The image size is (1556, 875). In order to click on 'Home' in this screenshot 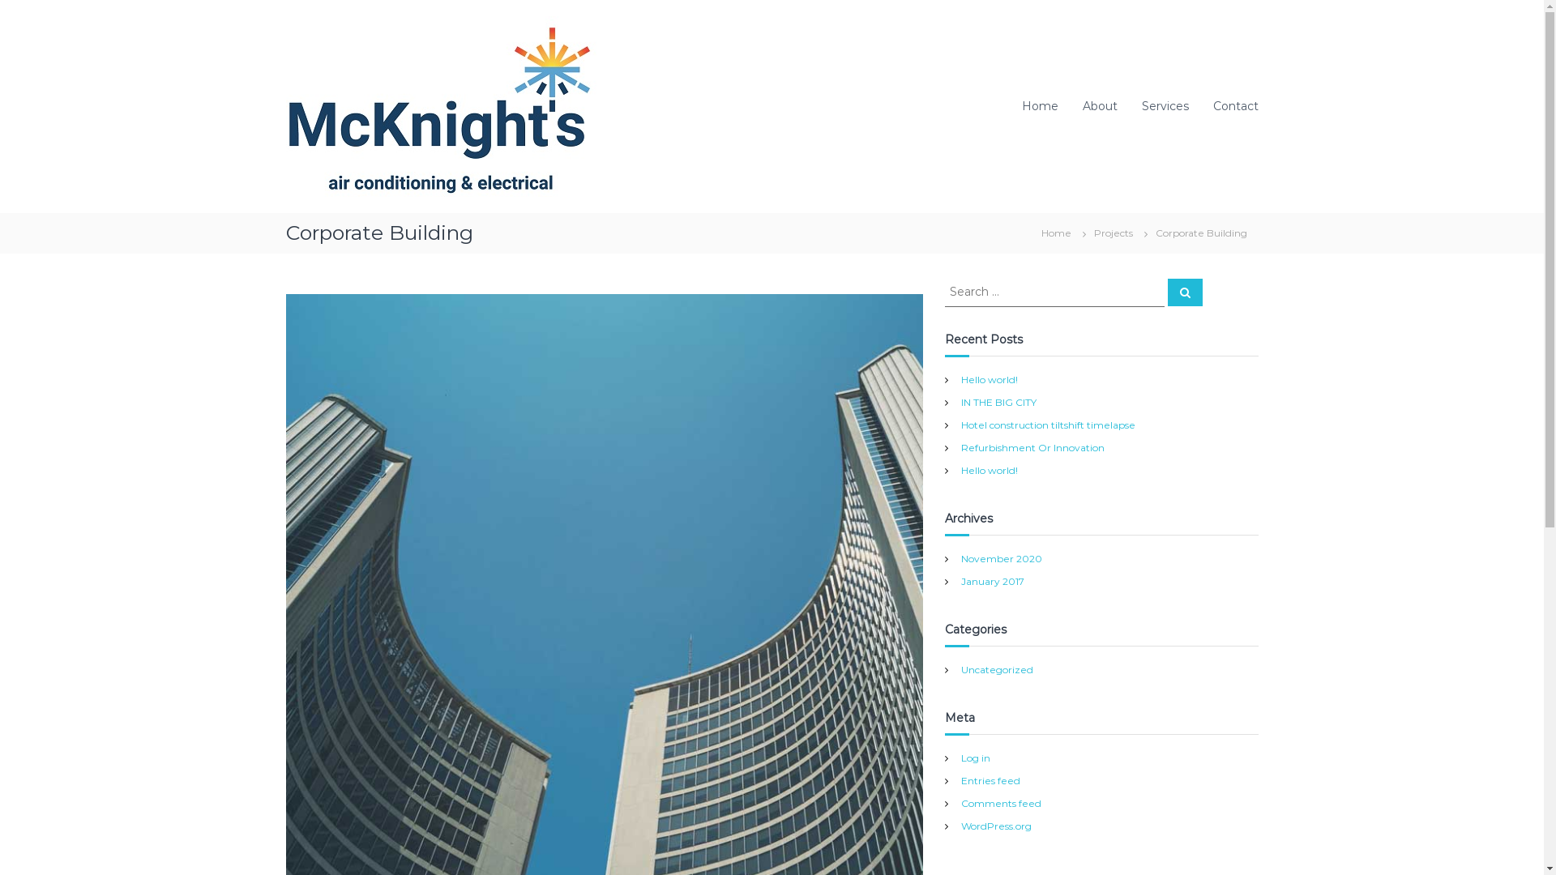, I will do `click(1028, 232)`.